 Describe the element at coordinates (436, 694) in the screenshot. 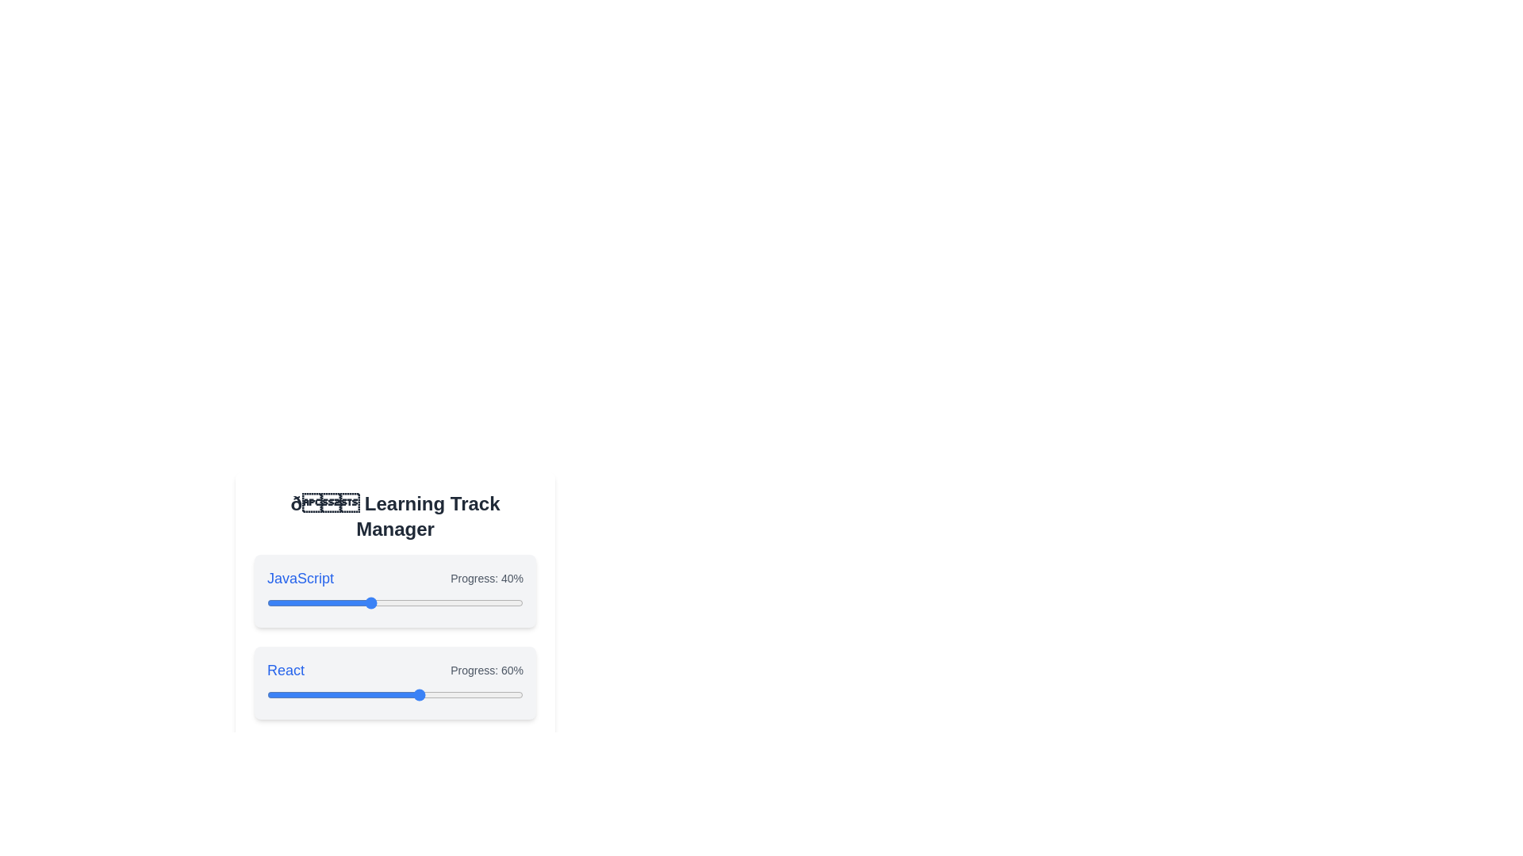

I see `the progress value` at that location.